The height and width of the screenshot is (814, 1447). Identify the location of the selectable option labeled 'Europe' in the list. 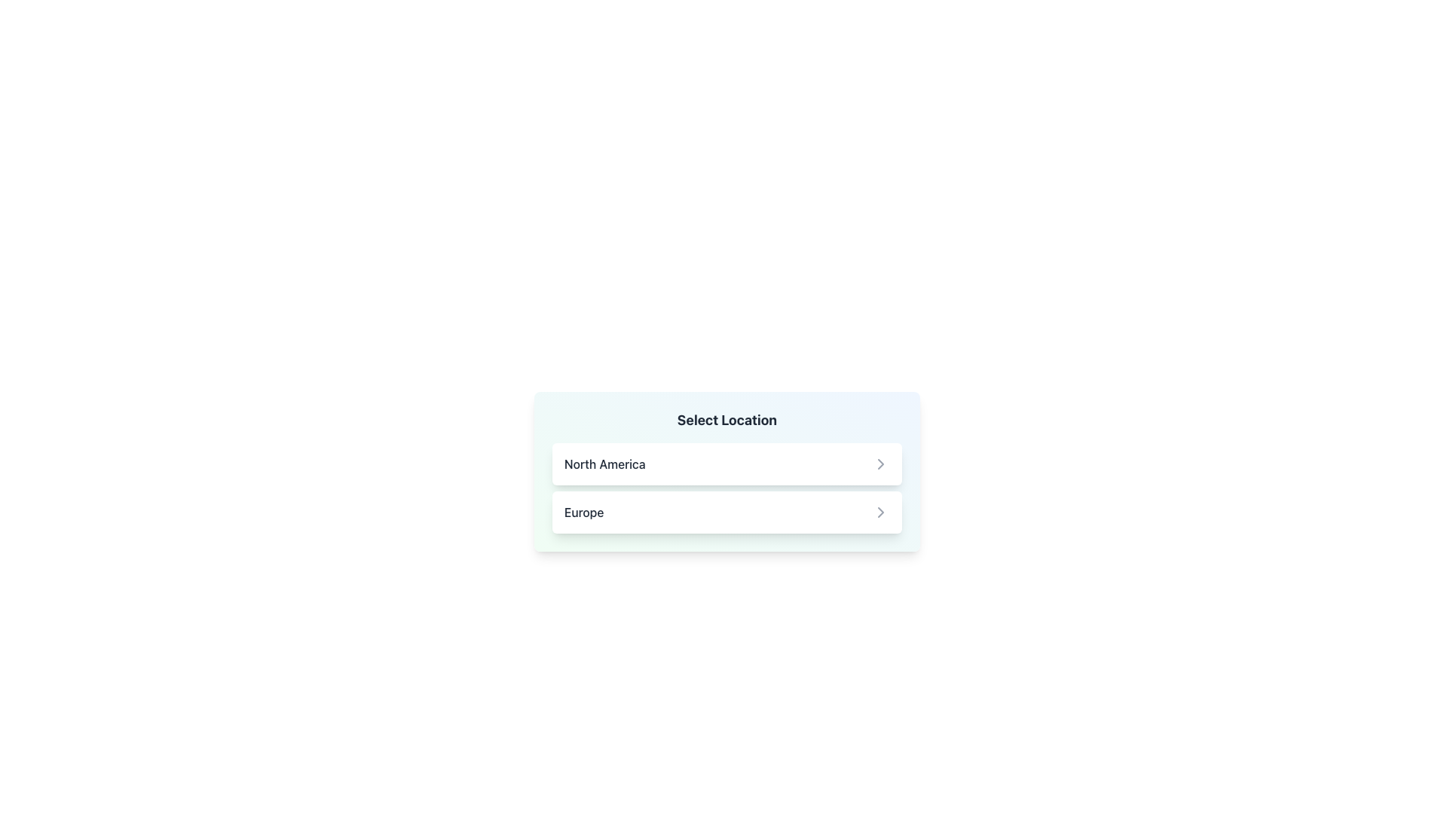
(727, 511).